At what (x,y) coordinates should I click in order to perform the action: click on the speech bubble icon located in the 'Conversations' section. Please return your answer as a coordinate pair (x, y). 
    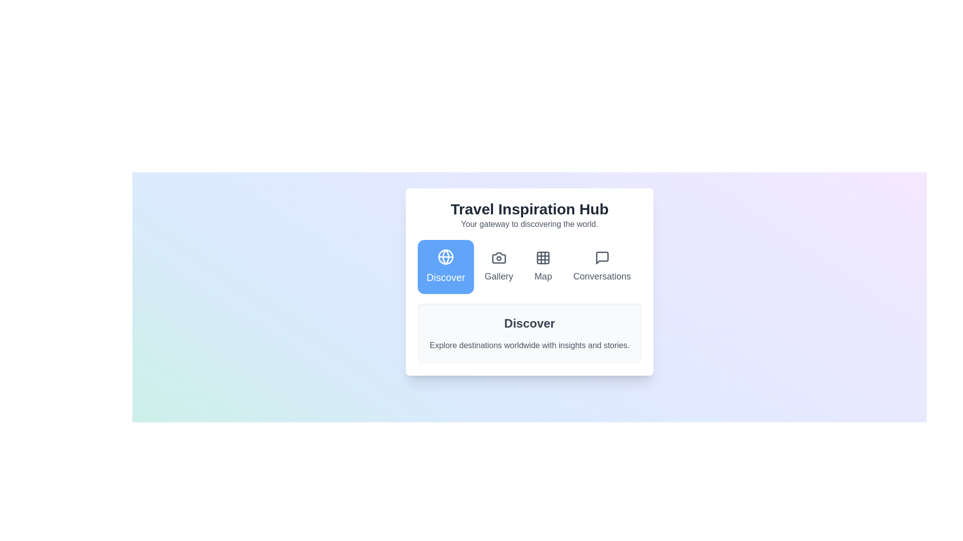
    Looking at the image, I should click on (602, 257).